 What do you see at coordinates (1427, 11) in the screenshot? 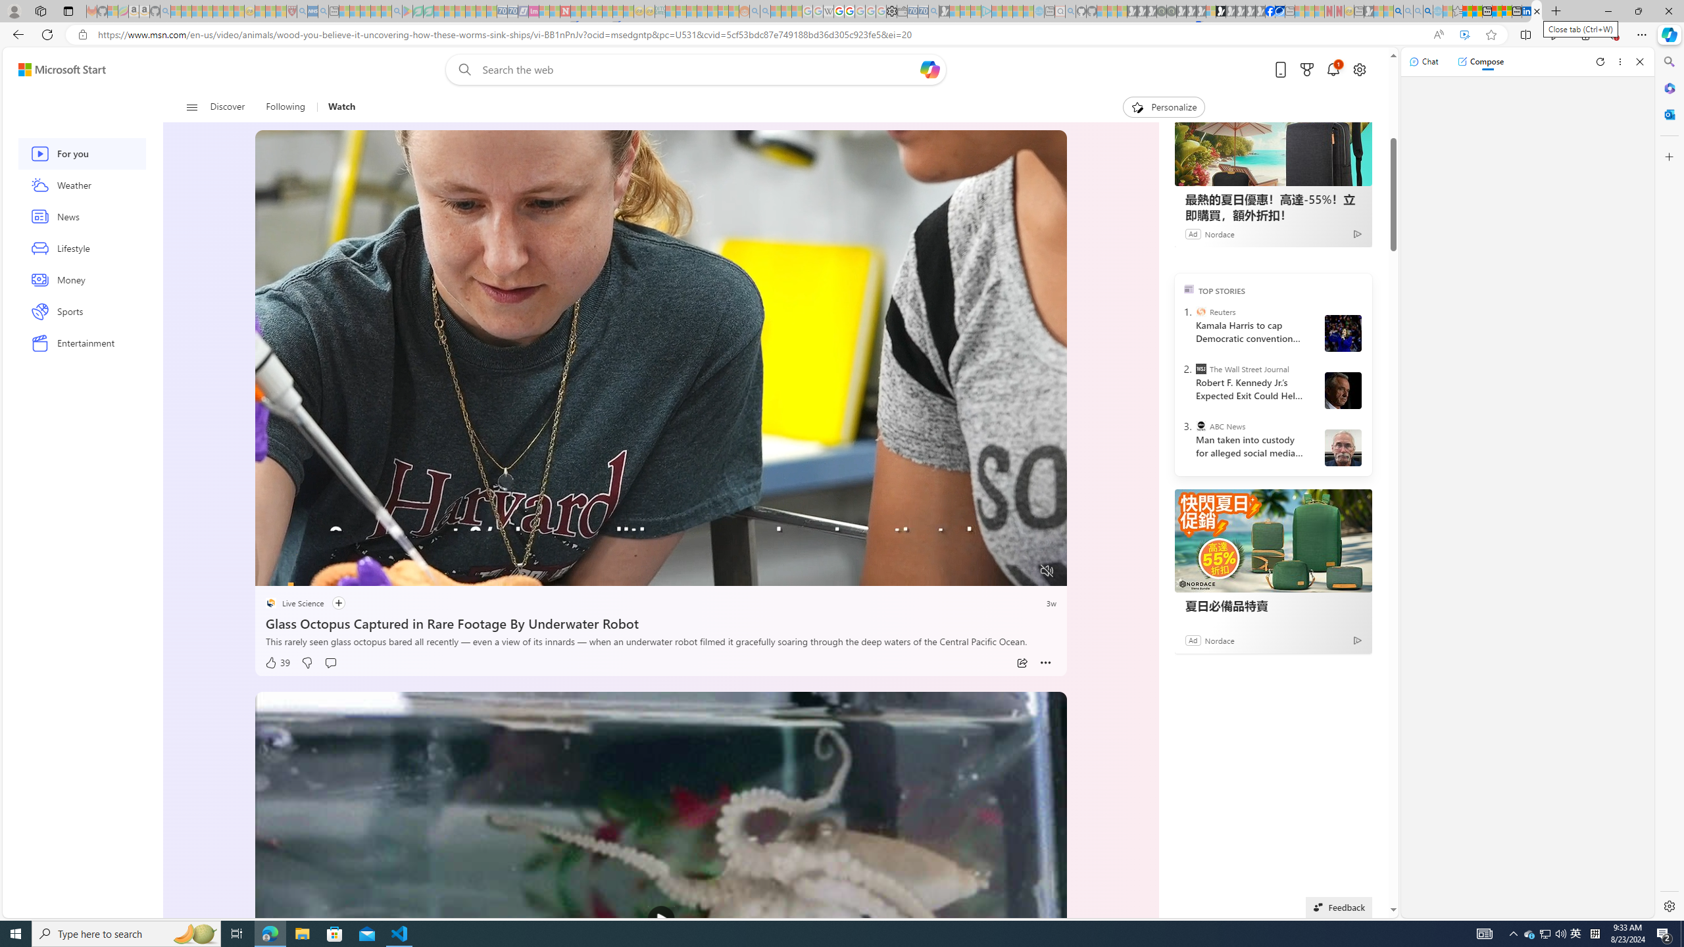
I see `'Google Chrome Internet Browser Download - Search Images'` at bounding box center [1427, 11].